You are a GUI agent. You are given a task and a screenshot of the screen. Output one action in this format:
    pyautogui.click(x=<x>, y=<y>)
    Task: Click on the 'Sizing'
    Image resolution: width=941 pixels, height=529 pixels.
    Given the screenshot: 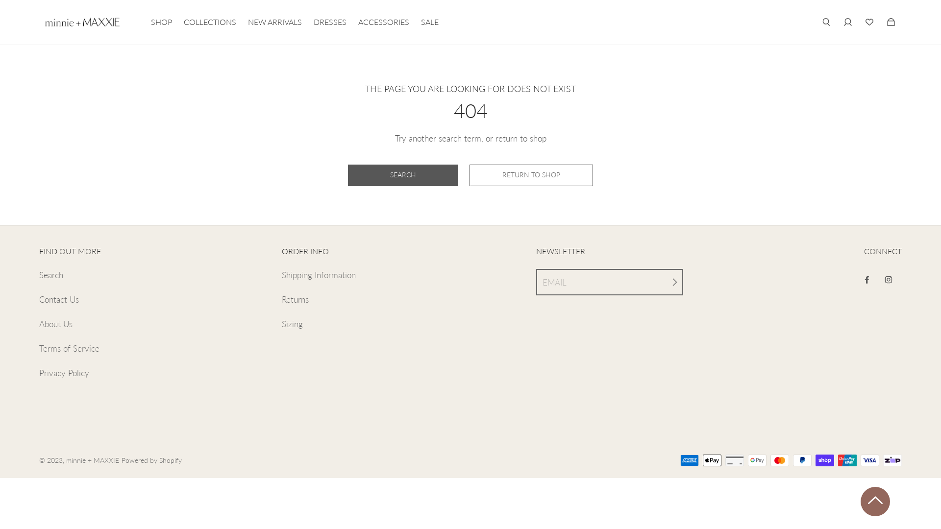 What is the action you would take?
    pyautogui.click(x=292, y=324)
    